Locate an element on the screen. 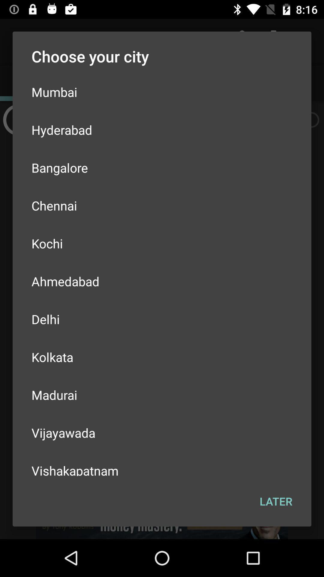 This screenshot has height=577, width=324. icon below bangalore item is located at coordinates (162, 206).